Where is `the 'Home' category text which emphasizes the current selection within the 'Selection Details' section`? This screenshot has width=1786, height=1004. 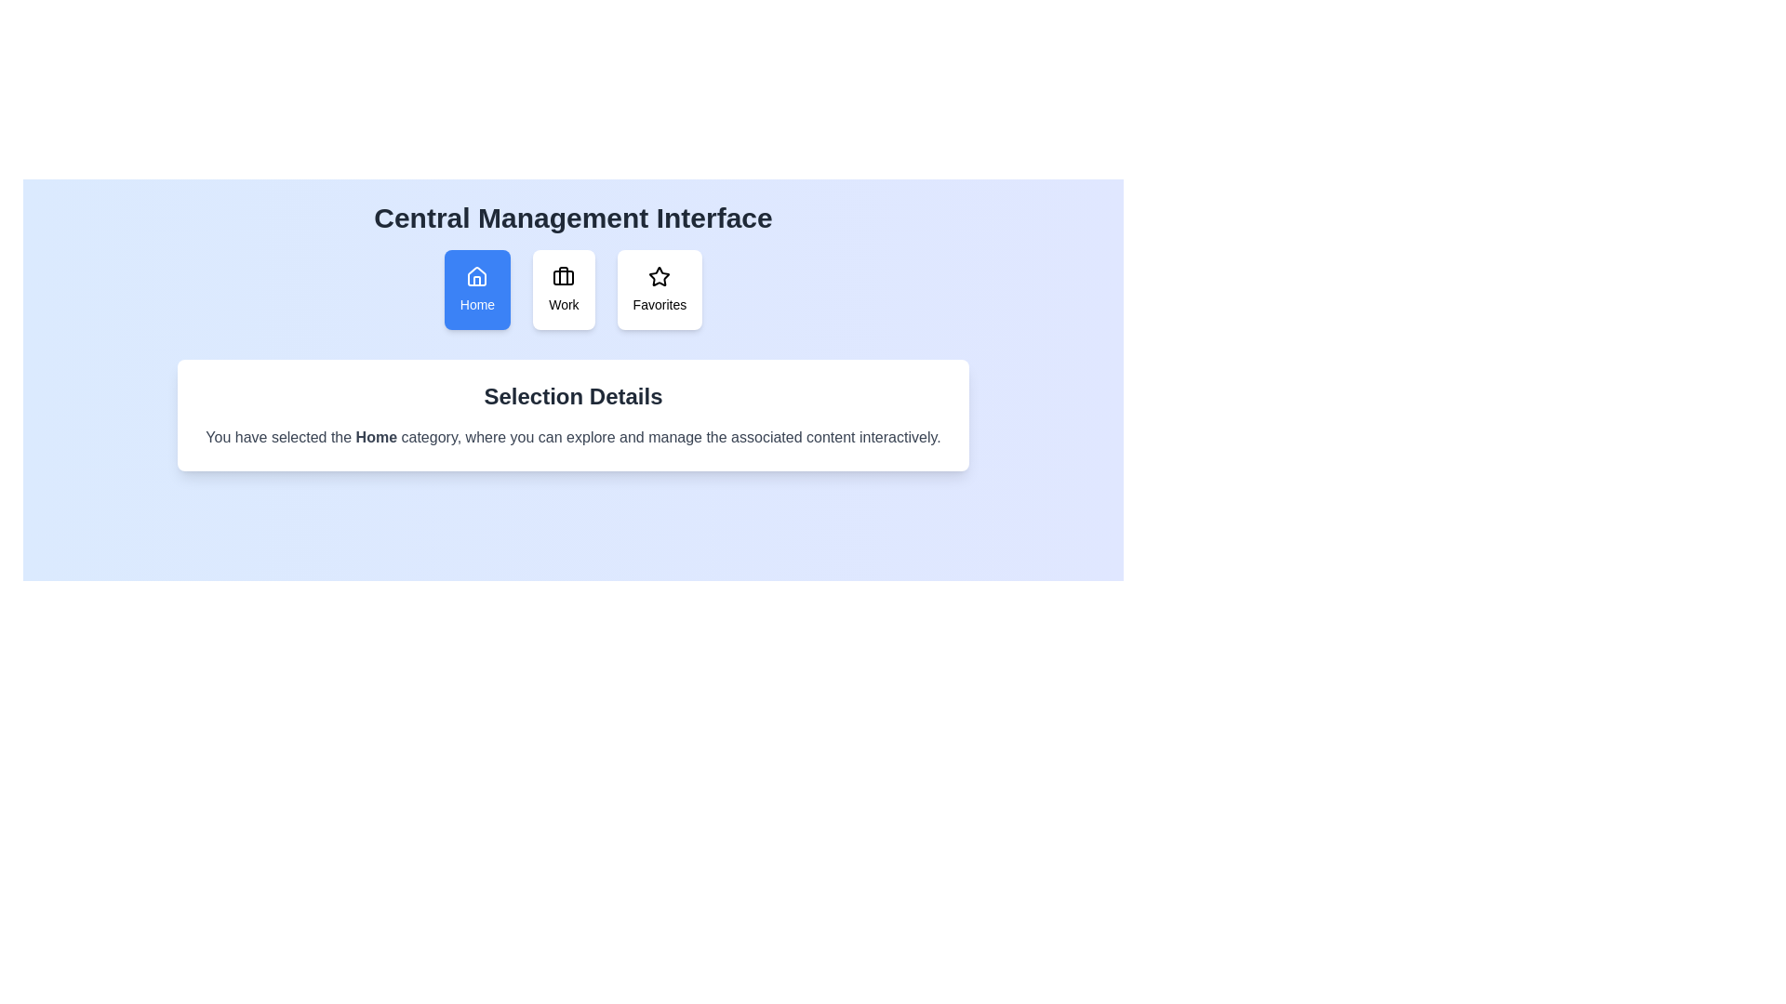
the 'Home' category text which emphasizes the current selection within the 'Selection Details' section is located at coordinates (375, 437).